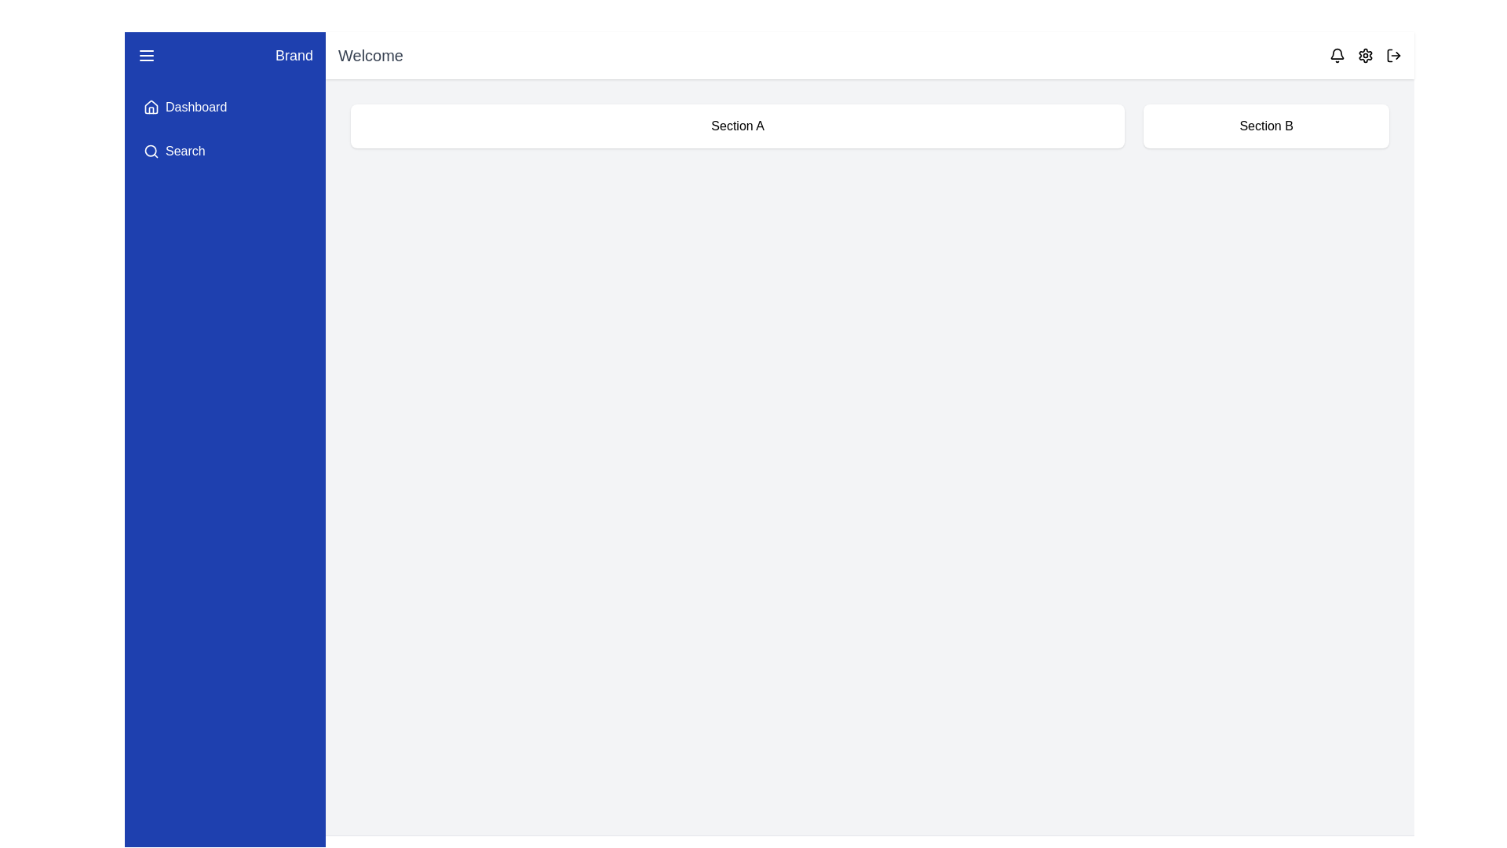 The width and height of the screenshot is (1507, 848). What do you see at coordinates (151, 107) in the screenshot?
I see `the house-shaped icon located in the left blue navigation bar, which is the first icon in the vertical navigation list, positioned directly below the hamburger menu icon and to the left of the 'Dashboard' text label` at bounding box center [151, 107].